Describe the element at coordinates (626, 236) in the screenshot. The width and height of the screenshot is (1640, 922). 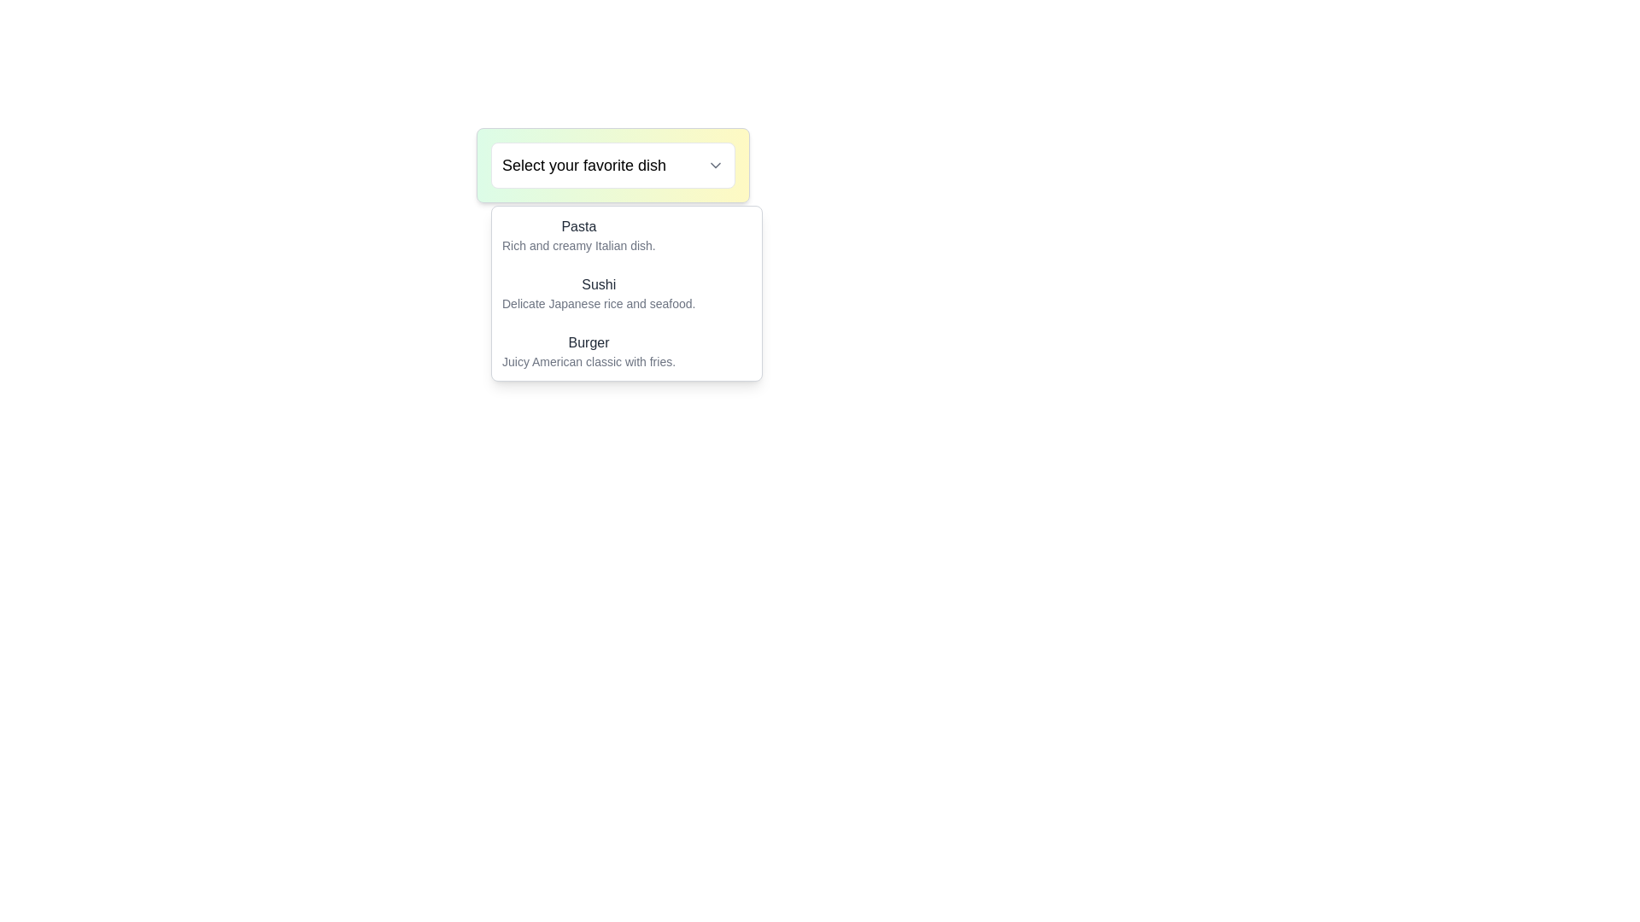
I see `the first dropdown menu option labeled 'Pasta'` at that location.